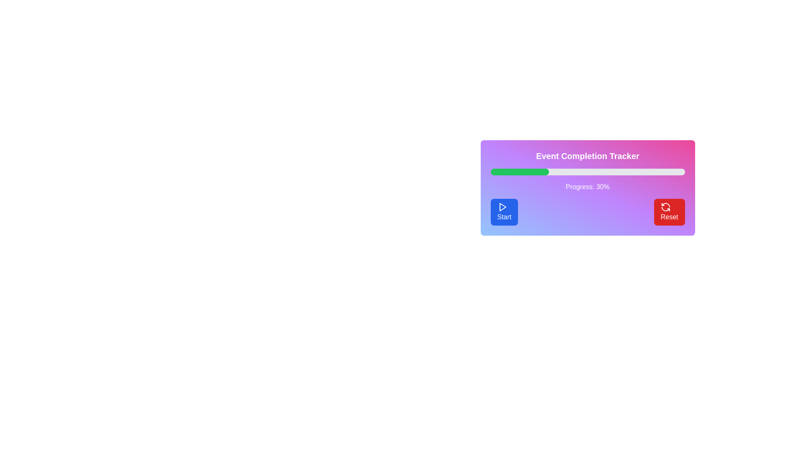 The height and width of the screenshot is (452, 804). I want to click on the Progress bar that visually represents the completion of a task, positioned below the 'Event Completion Tracker' text and above the 'Progress: 30%' label, so click(587, 172).